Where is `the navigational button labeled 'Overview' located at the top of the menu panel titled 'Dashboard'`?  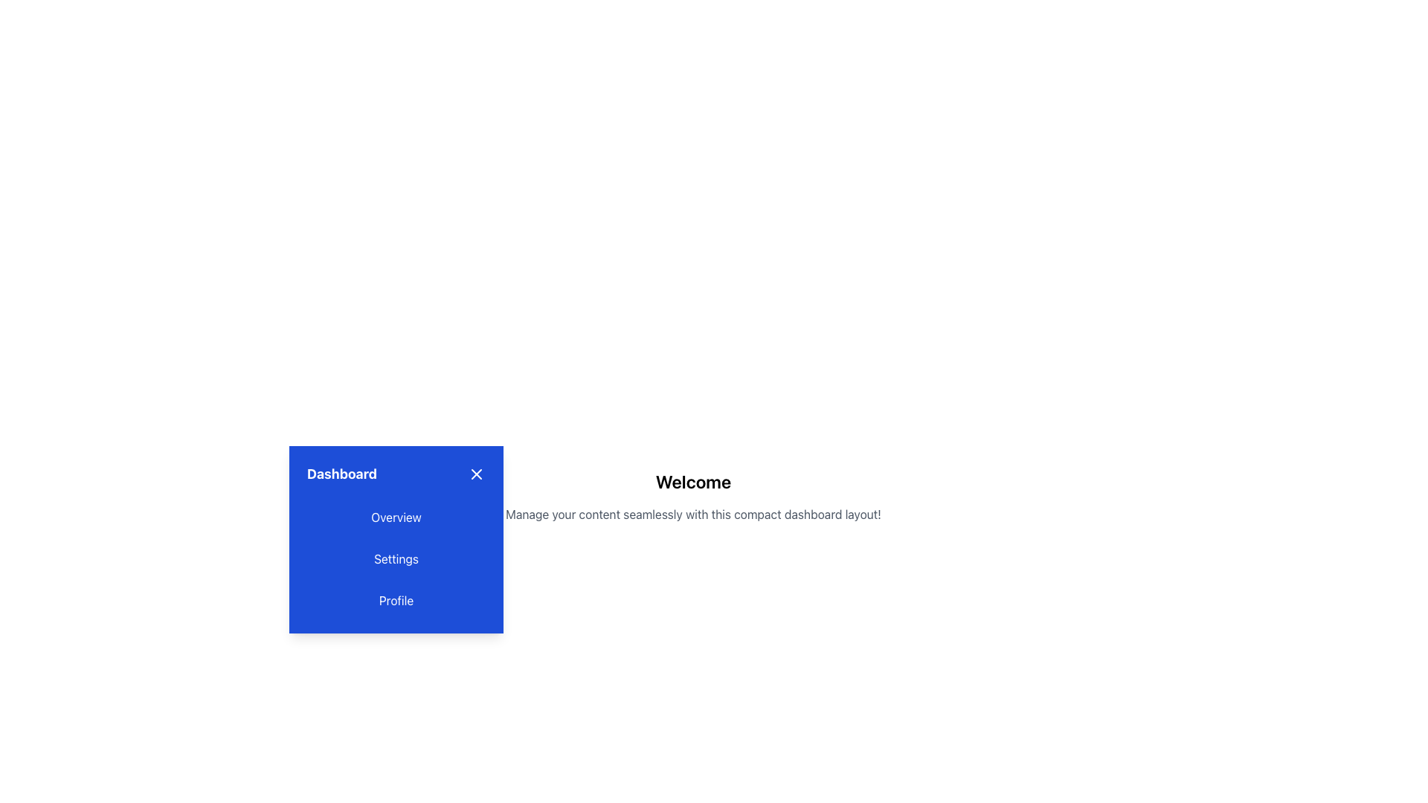 the navigational button labeled 'Overview' located at the top of the menu panel titled 'Dashboard' is located at coordinates (396, 516).